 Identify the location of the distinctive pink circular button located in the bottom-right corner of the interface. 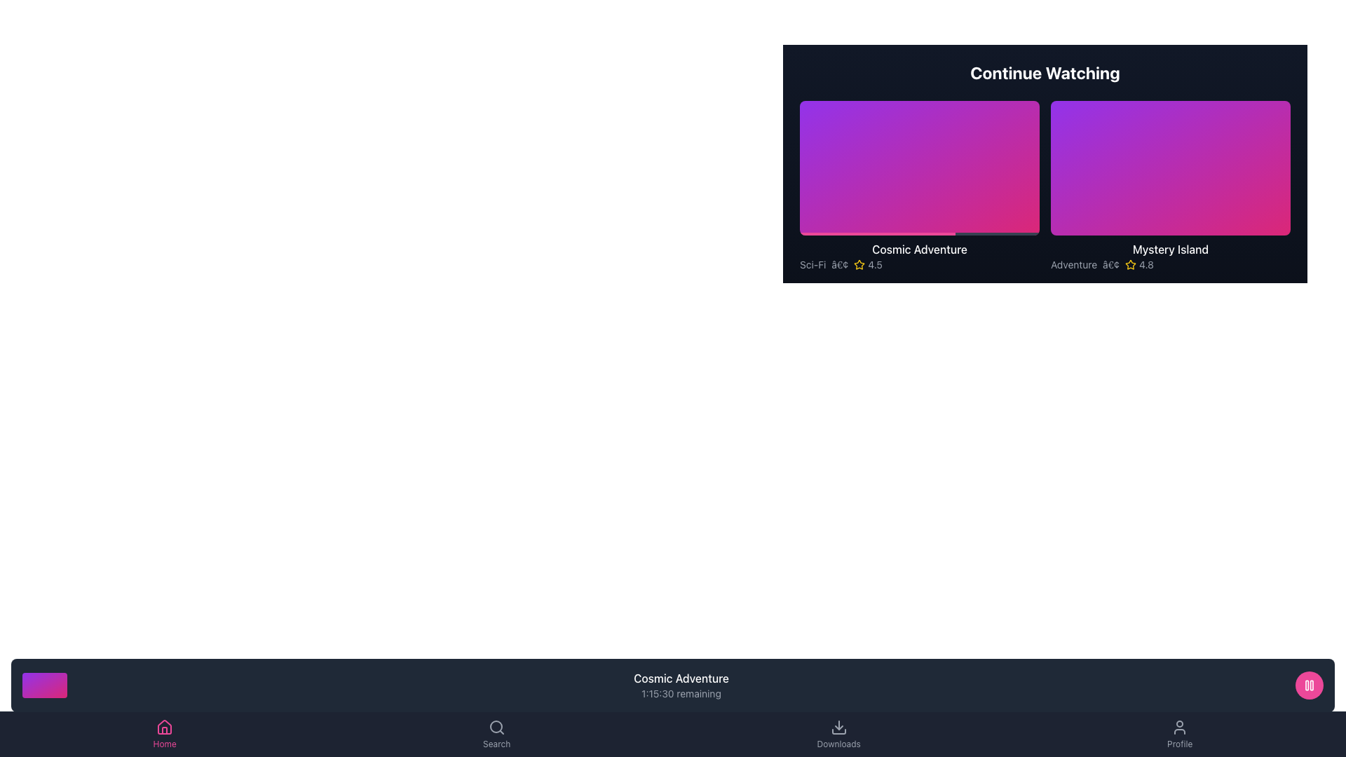
(1308, 685).